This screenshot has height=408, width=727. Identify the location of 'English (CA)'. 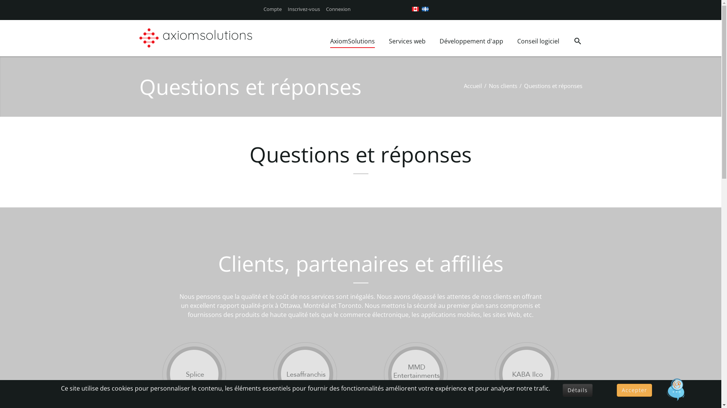
(415, 9).